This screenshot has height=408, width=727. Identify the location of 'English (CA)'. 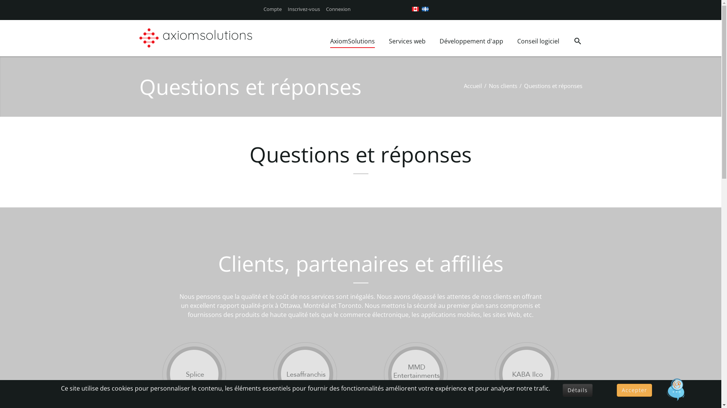
(415, 9).